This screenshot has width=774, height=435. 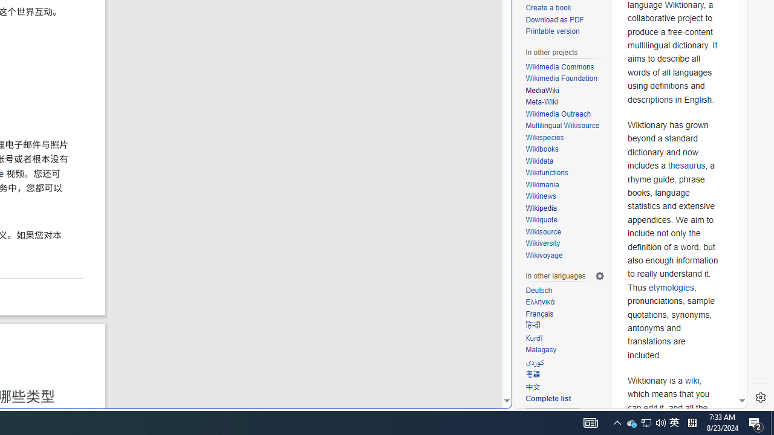 What do you see at coordinates (547, 8) in the screenshot?
I see `'Create a book'` at bounding box center [547, 8].